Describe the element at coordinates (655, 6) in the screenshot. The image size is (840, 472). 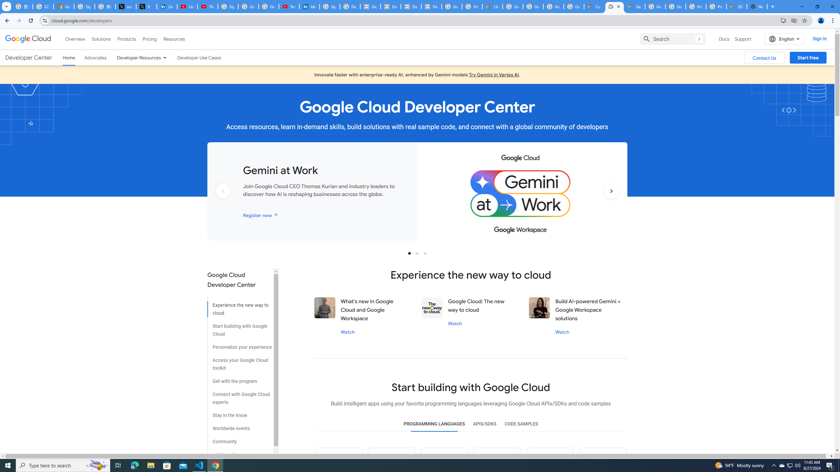
I see `'Google Cloud Platform'` at that location.